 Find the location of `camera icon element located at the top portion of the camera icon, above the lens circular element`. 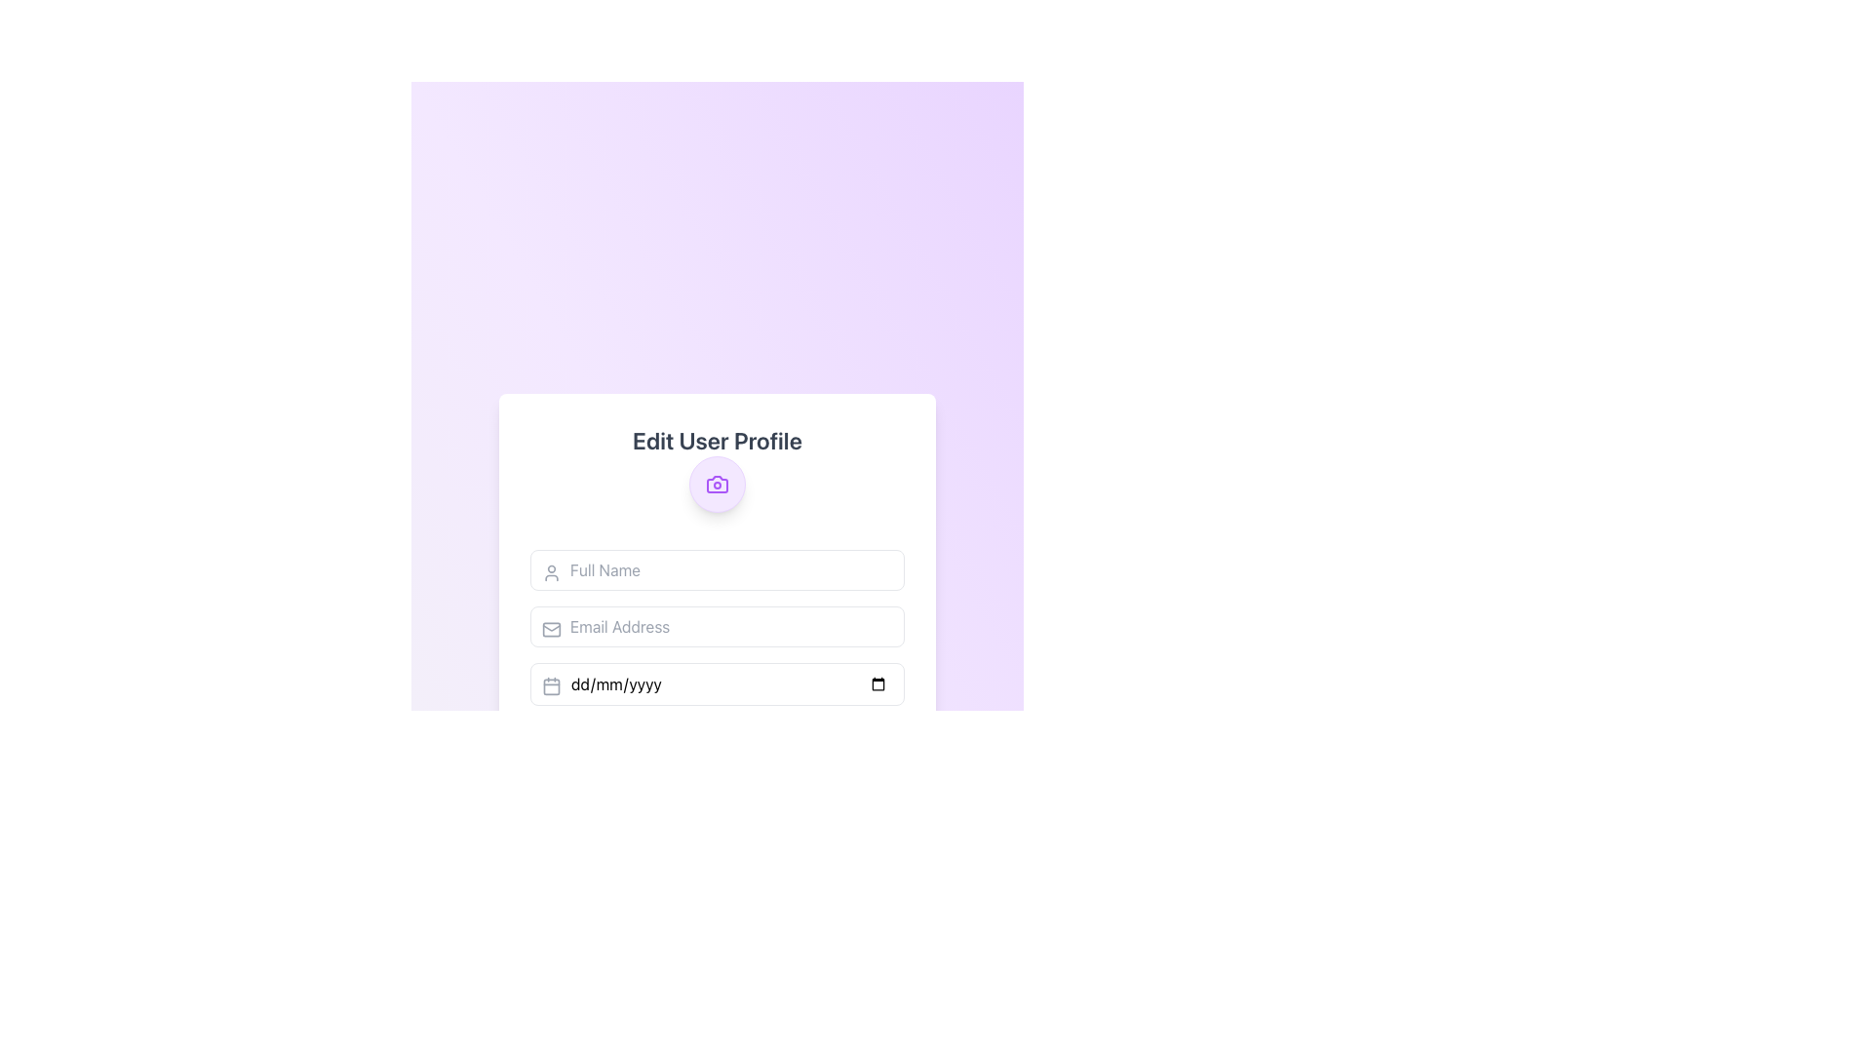

camera icon element located at the top portion of the camera icon, above the lens circular element is located at coordinates (716, 484).